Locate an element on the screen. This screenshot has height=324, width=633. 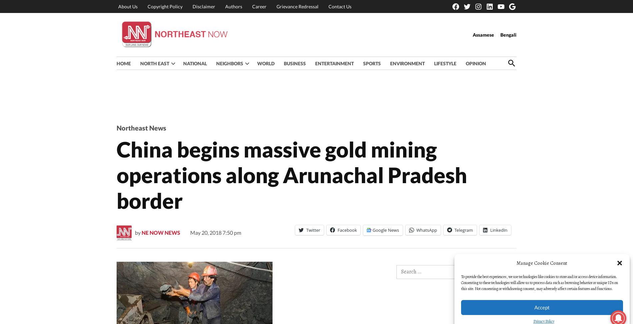
'Career' is located at coordinates (259, 6).